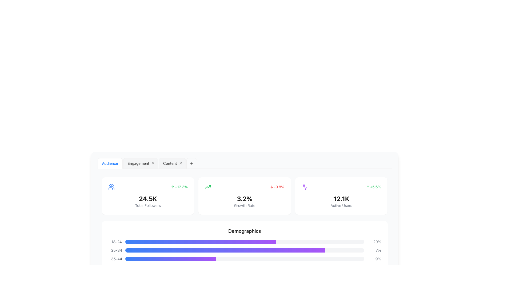 Image resolution: width=512 pixels, height=288 pixels. What do you see at coordinates (244, 242) in the screenshot?
I see `the progress value of the progress bar representing the 18-24 demographic group, located under the heading 'Demographics' between the labels '18-24' and '20%'` at bounding box center [244, 242].